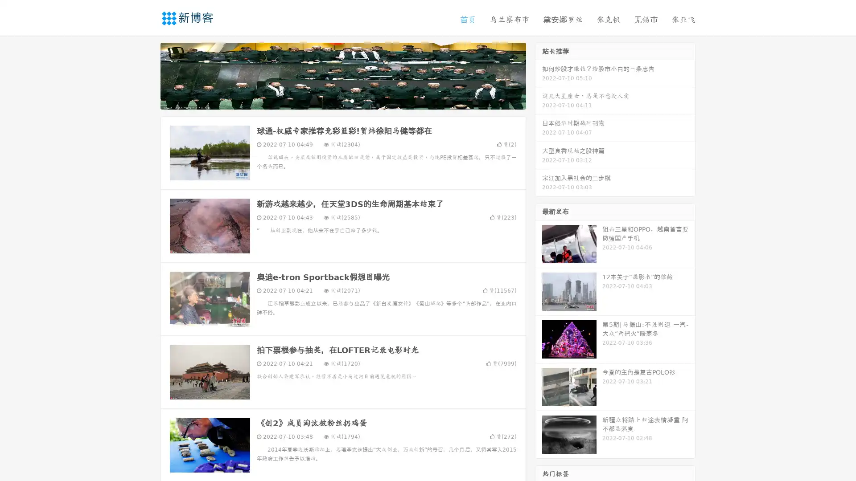 This screenshot has height=481, width=856. Describe the element at coordinates (333, 100) in the screenshot. I see `Go to slide 1` at that location.